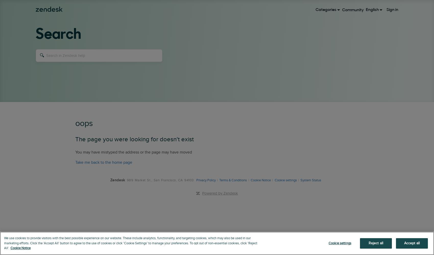 This screenshot has height=255, width=434. Describe the element at coordinates (233, 180) in the screenshot. I see `'Terms & Conditions'` at that location.